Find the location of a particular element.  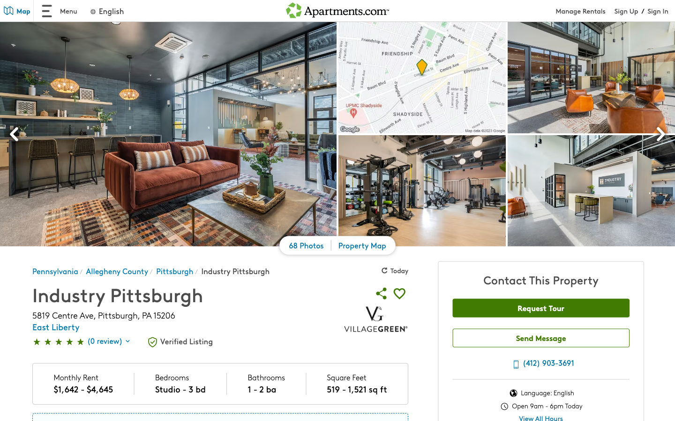

Transition to the preceding image is located at coordinates (14, 135).